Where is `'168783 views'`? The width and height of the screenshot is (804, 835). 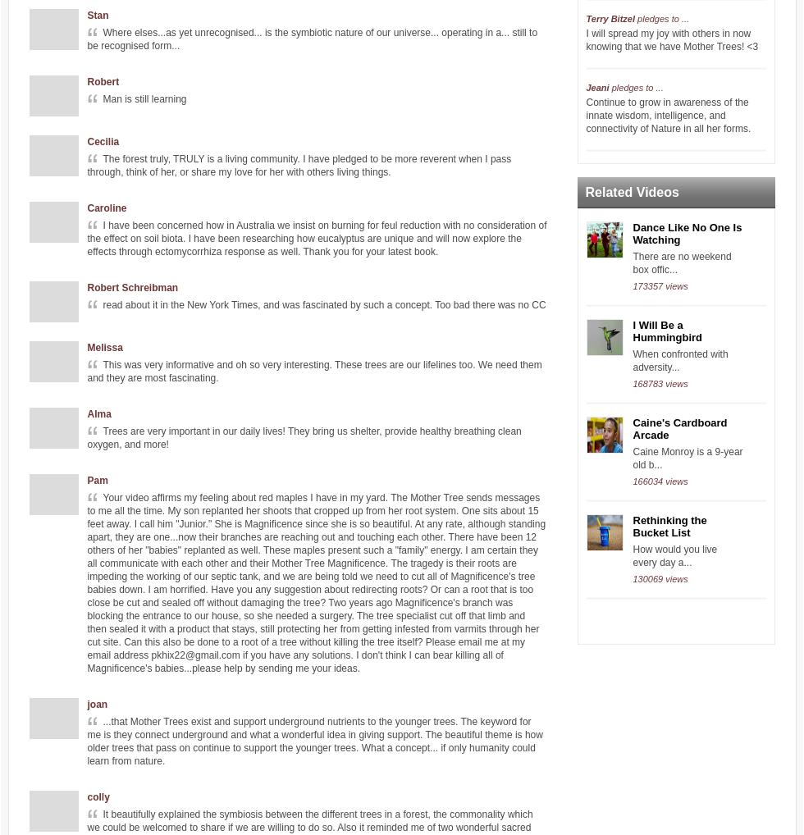 '168783 views' is located at coordinates (660, 383).